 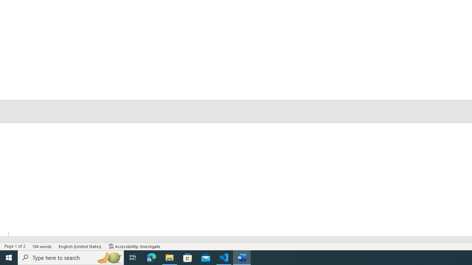 What do you see at coordinates (188, 257) in the screenshot?
I see `'Microsoft Store'` at bounding box center [188, 257].